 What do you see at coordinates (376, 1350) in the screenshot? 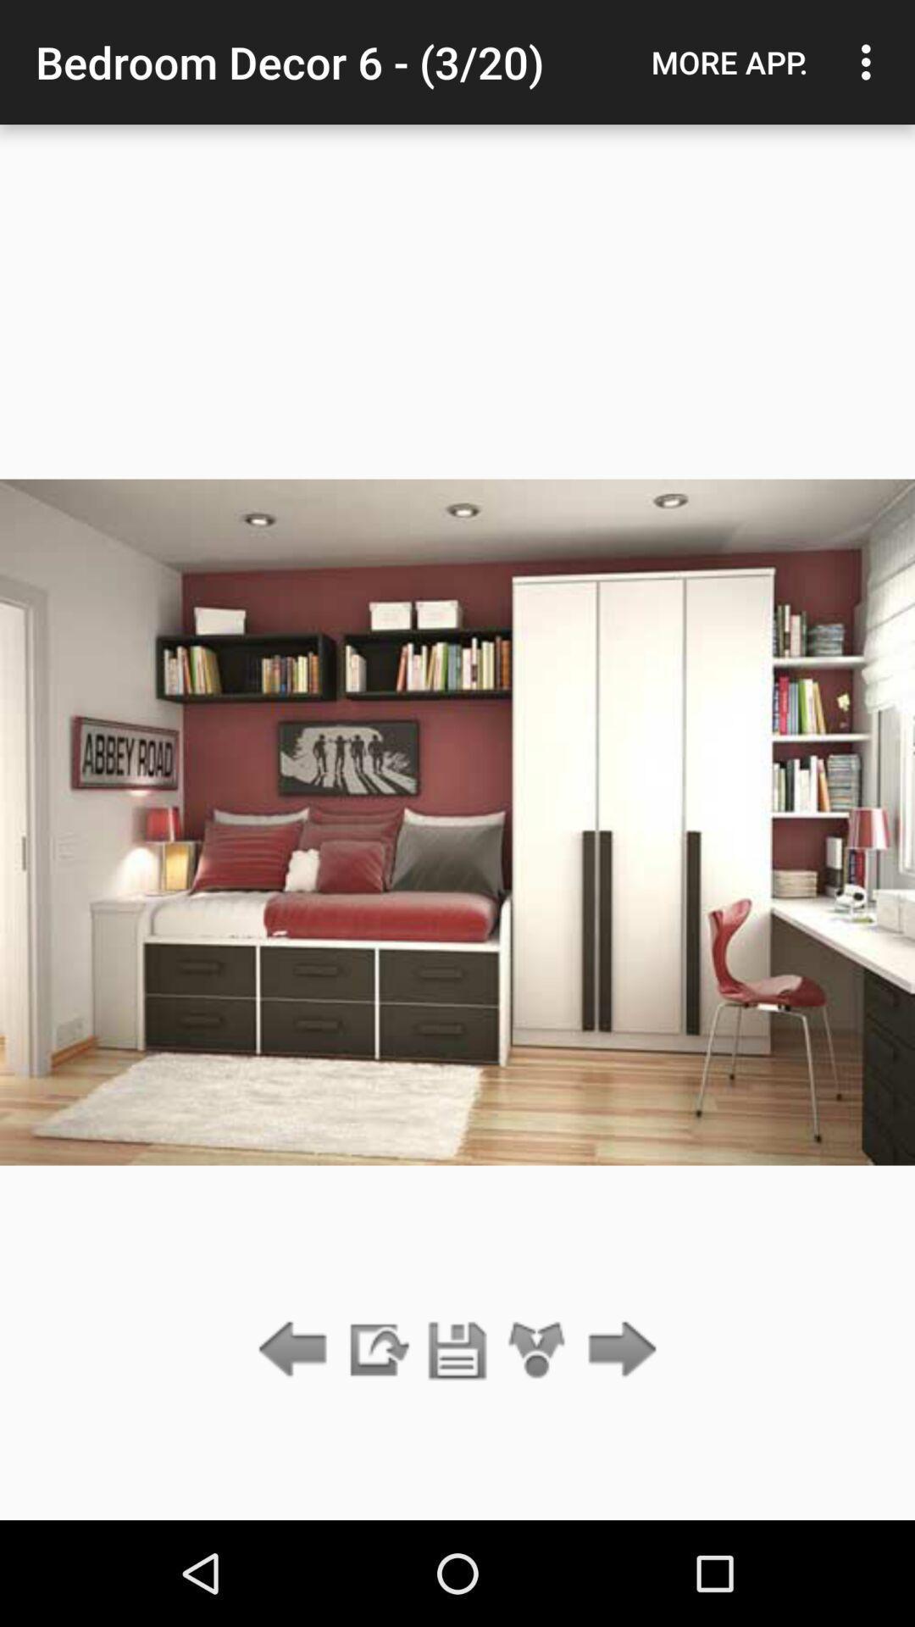
I see `the launch icon` at bounding box center [376, 1350].